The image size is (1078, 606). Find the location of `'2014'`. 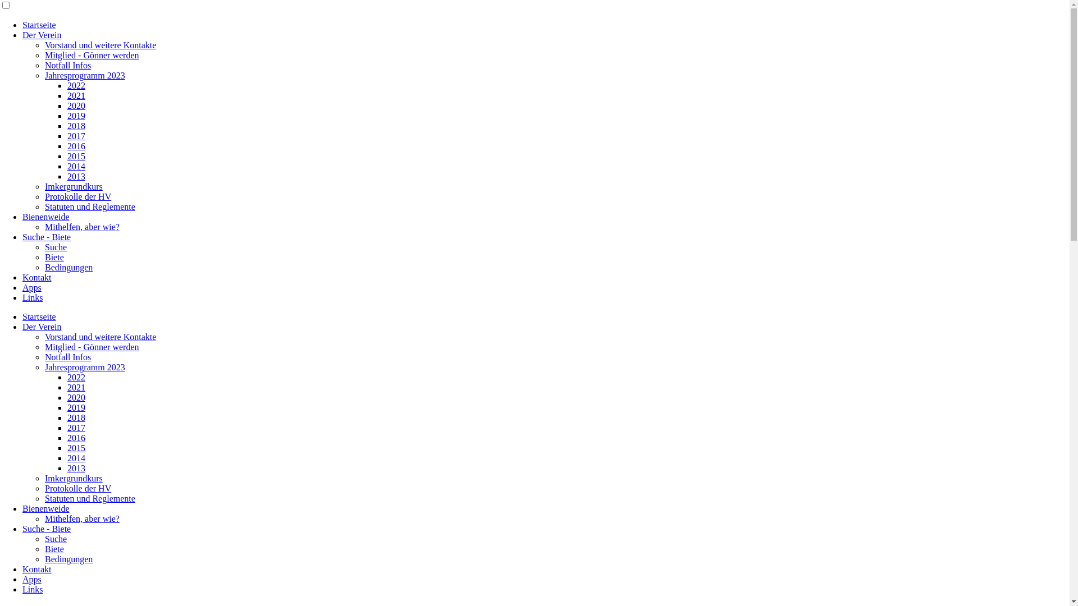

'2014' is located at coordinates (75, 458).